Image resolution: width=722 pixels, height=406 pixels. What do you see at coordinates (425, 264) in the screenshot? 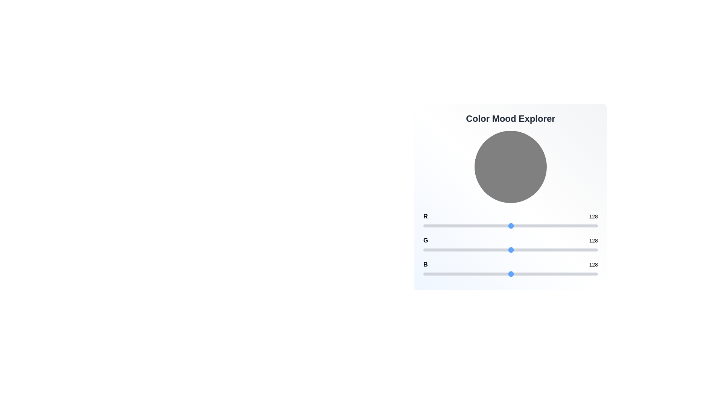
I see `the color channel label 'B' where channel can be 'R', 'G', or 'B'` at bounding box center [425, 264].